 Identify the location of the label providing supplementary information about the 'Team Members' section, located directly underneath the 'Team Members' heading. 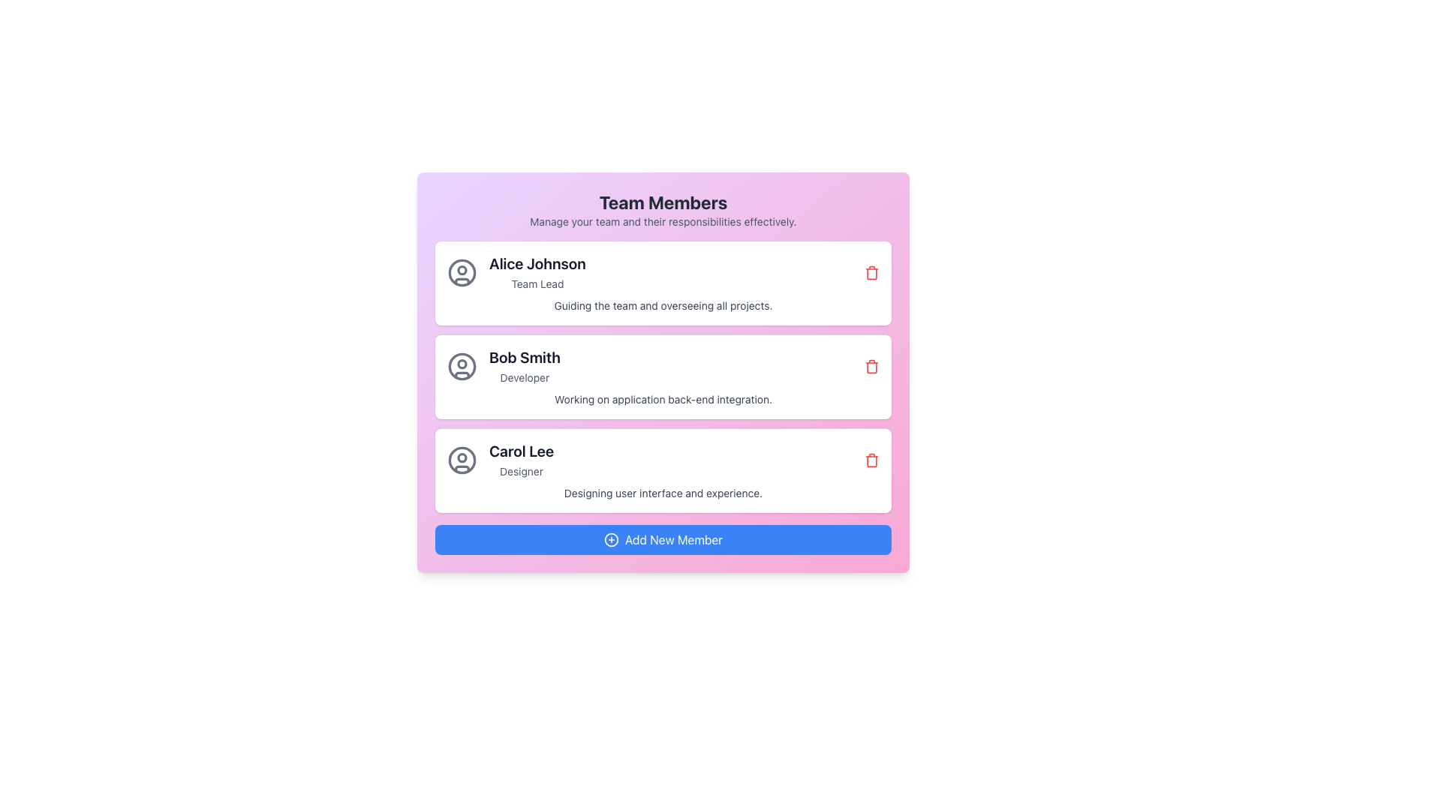
(662, 222).